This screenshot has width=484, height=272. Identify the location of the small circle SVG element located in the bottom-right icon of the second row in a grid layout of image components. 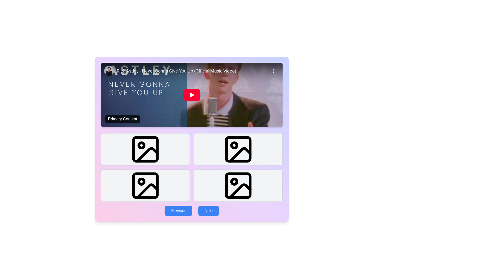
(234, 182).